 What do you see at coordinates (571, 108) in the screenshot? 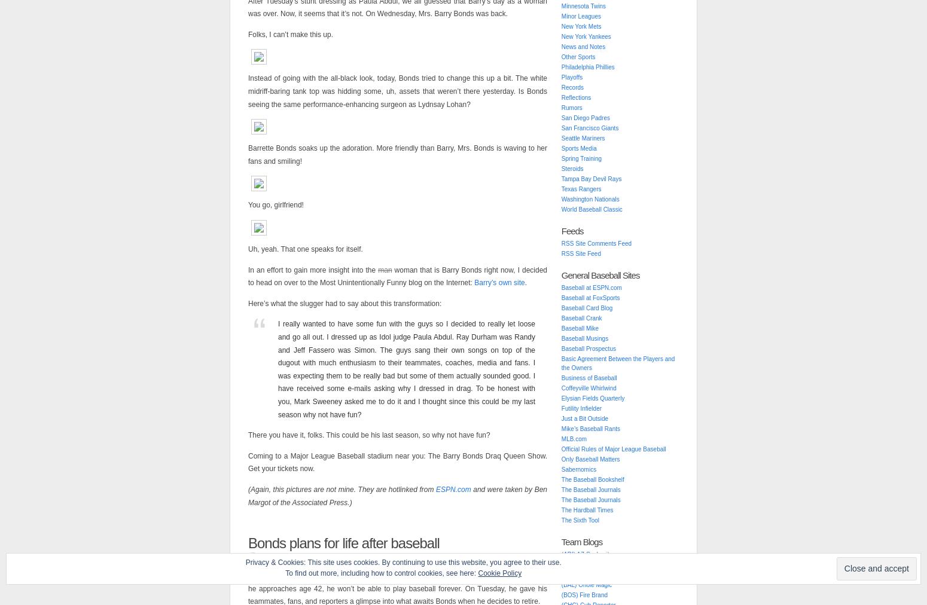
I see `'Rumors'` at bounding box center [571, 108].